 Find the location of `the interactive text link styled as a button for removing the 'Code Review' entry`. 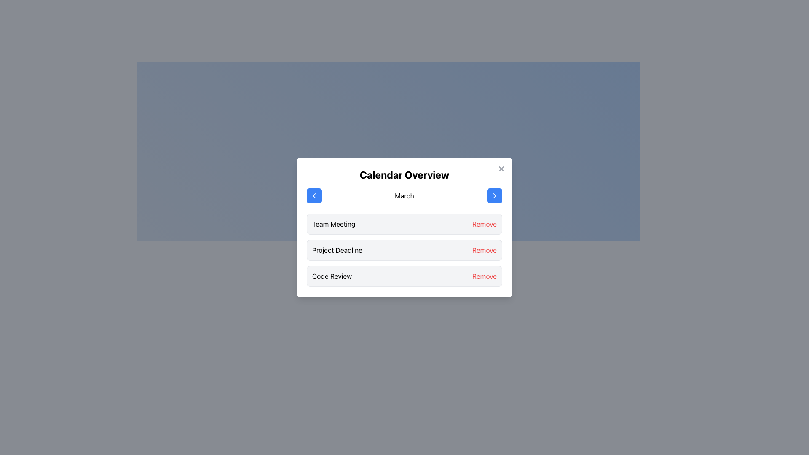

the interactive text link styled as a button for removing the 'Code Review' entry is located at coordinates (484, 276).